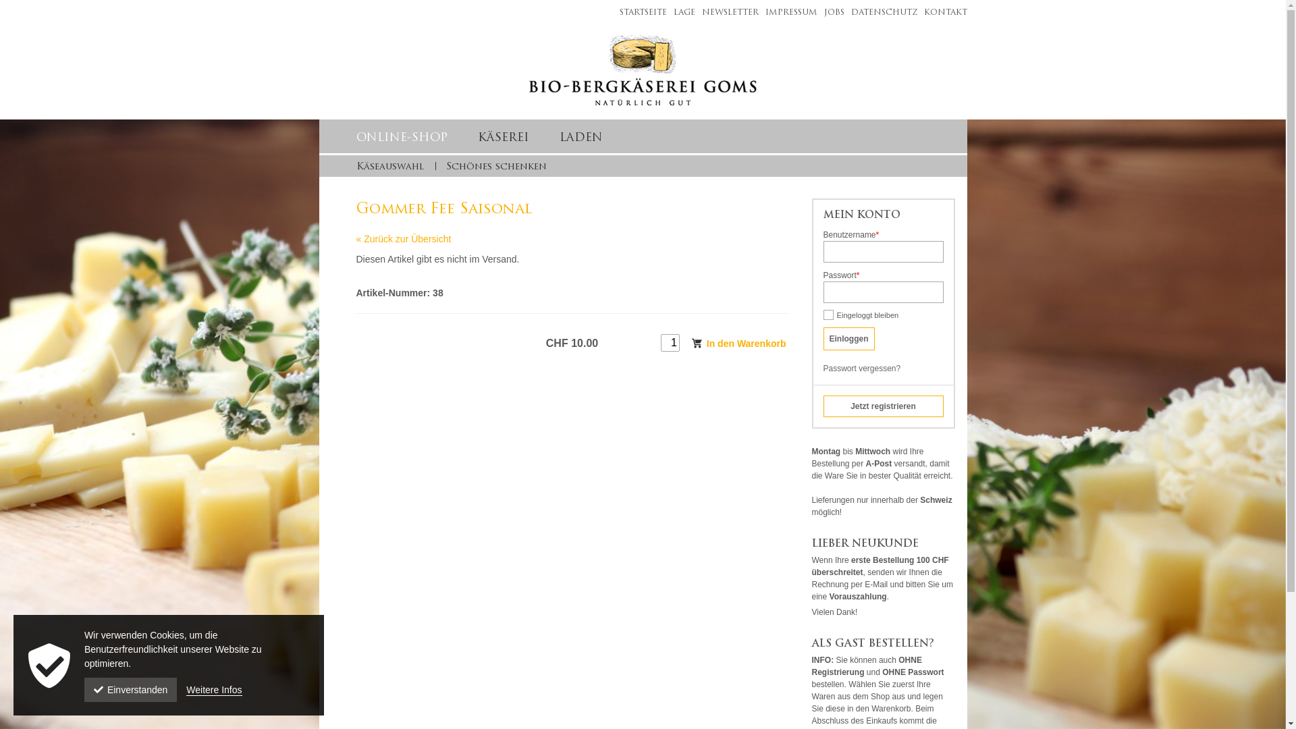  Describe the element at coordinates (822, 337) in the screenshot. I see `'Einloggen'` at that location.